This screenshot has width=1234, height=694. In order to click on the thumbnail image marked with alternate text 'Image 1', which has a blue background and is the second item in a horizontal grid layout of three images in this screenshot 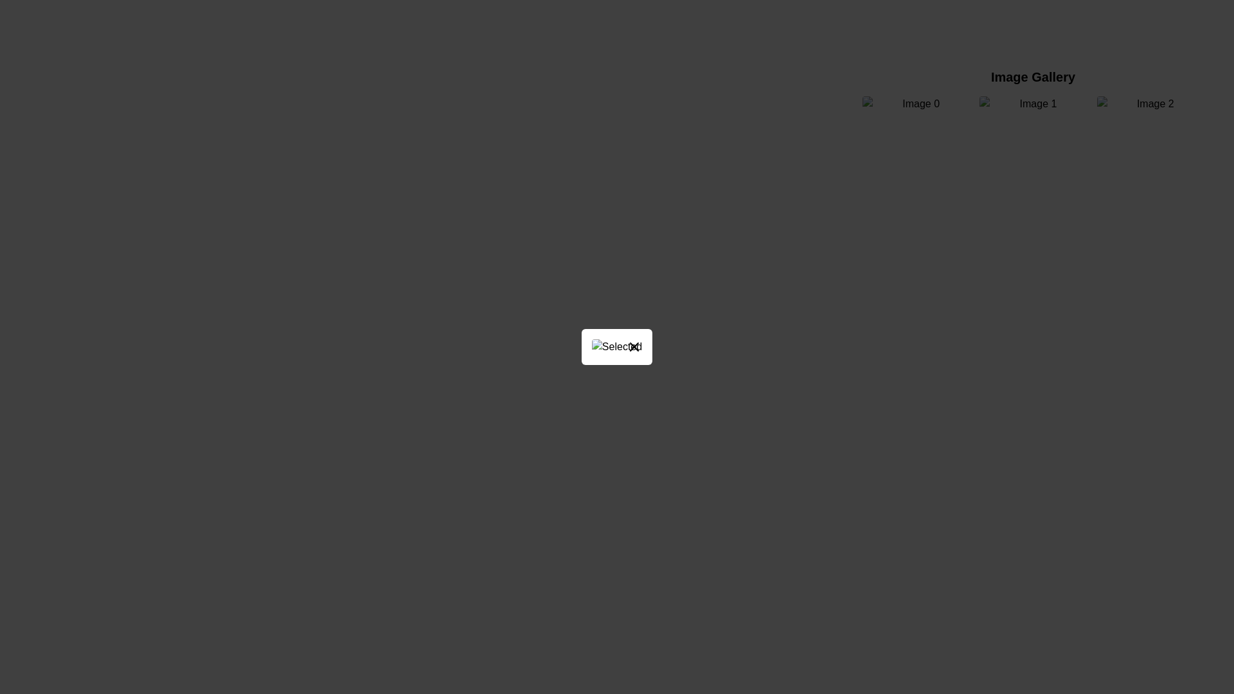, I will do `click(1033, 103)`.